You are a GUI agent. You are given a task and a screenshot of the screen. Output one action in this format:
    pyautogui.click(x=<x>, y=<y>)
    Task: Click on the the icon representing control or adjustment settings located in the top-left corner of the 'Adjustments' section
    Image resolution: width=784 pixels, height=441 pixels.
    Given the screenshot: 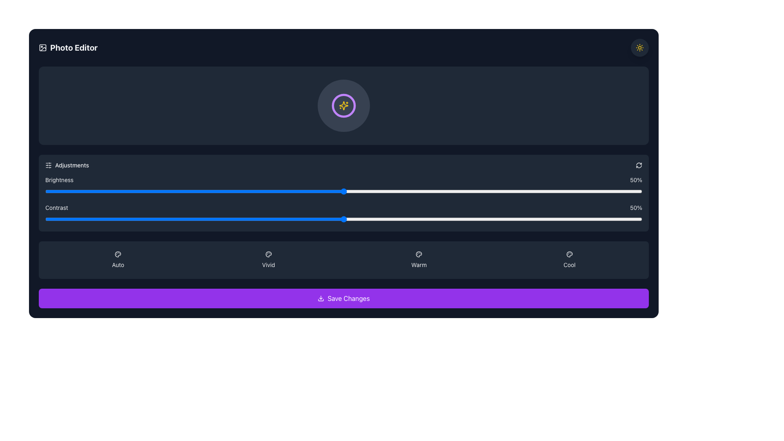 What is the action you would take?
    pyautogui.click(x=48, y=165)
    